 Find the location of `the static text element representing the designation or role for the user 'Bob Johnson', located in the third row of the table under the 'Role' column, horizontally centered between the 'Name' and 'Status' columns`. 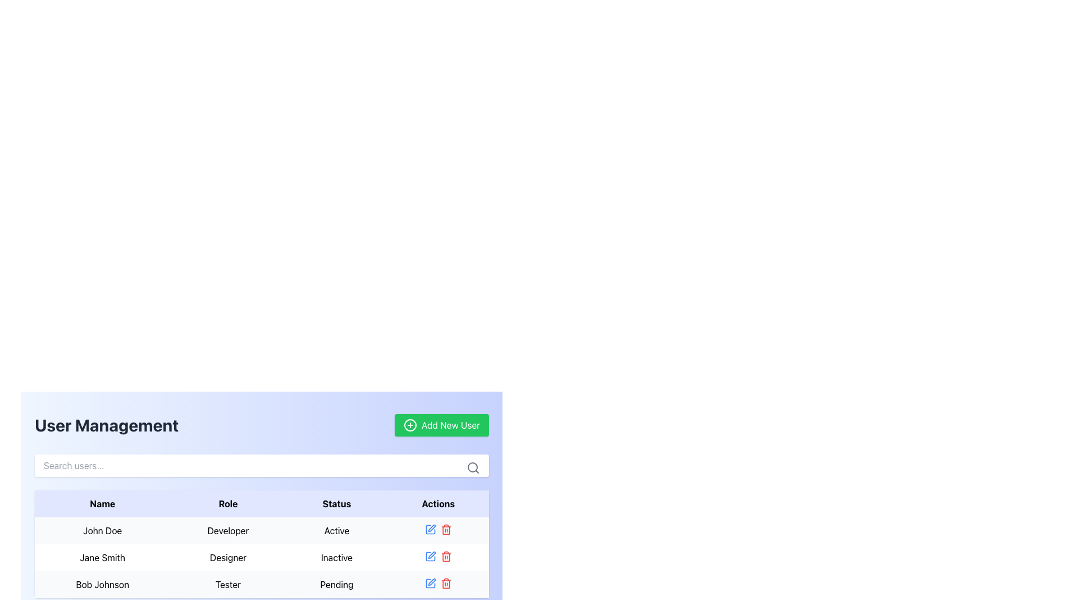

the static text element representing the designation or role for the user 'Bob Johnson', located in the third row of the table under the 'Role' column, horizontally centered between the 'Name' and 'Status' columns is located at coordinates (227, 584).